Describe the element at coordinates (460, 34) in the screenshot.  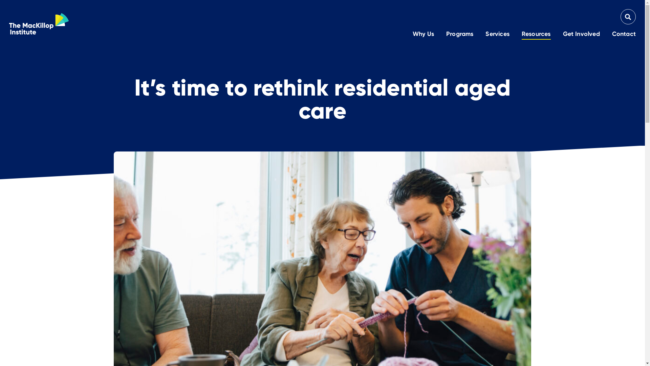
I see `'Programs'` at that location.